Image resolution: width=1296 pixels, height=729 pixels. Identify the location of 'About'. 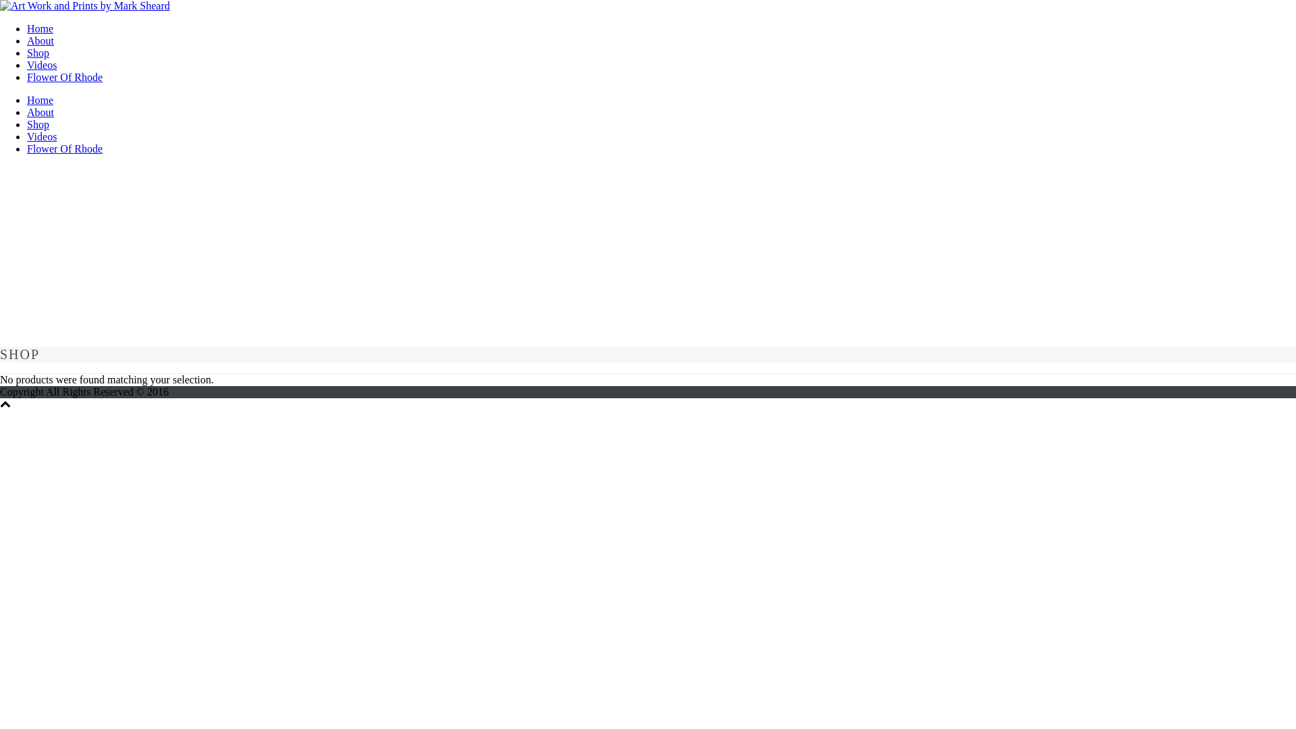
(40, 40).